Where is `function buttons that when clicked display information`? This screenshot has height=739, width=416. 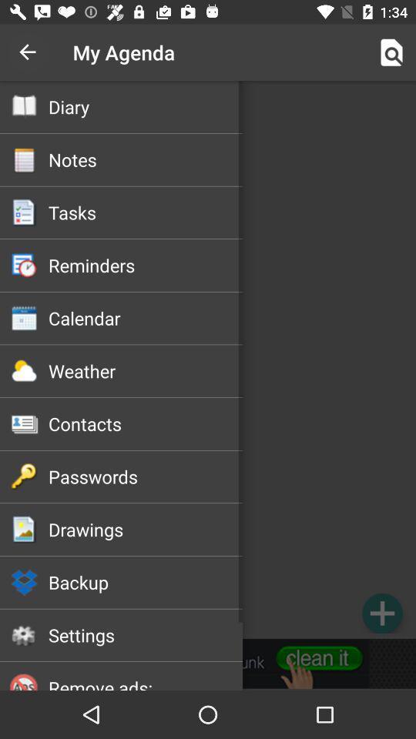
function buttons that when clicked display information is located at coordinates (208, 359).